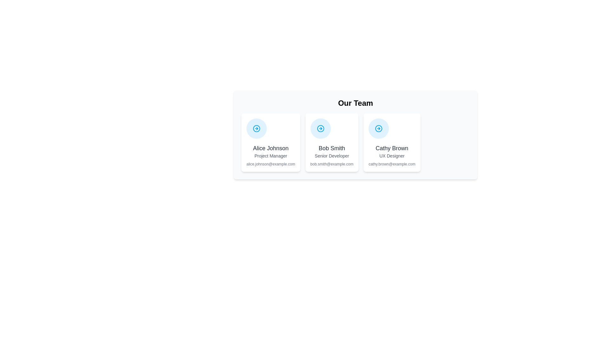  Describe the element at coordinates (331, 164) in the screenshot. I see `the email address 'bob.smith@example.com' displayed in small, light gray text within the user profile card for copying` at that location.